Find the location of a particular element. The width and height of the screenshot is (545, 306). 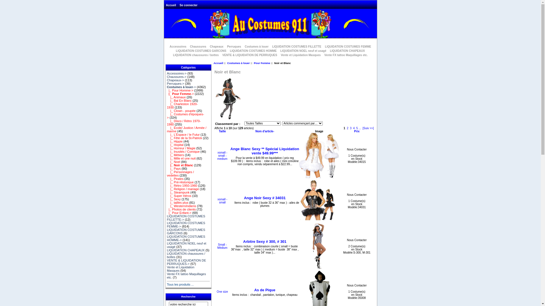

'    |_ Noel' is located at coordinates (173, 161).